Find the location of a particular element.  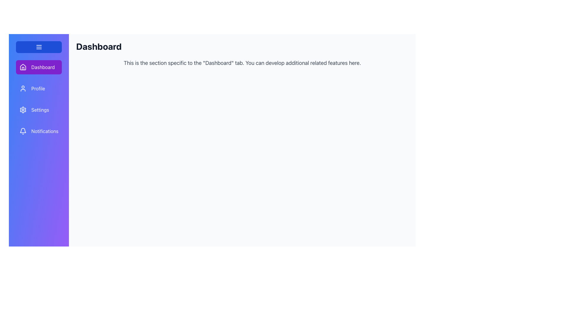

the house icon located in the purple-highlighted 'Dashboard' button in the left navigation bar, positioned as the first icon under the menu toggle button, aligning to the left of the text label 'Dashboard' is located at coordinates (23, 67).